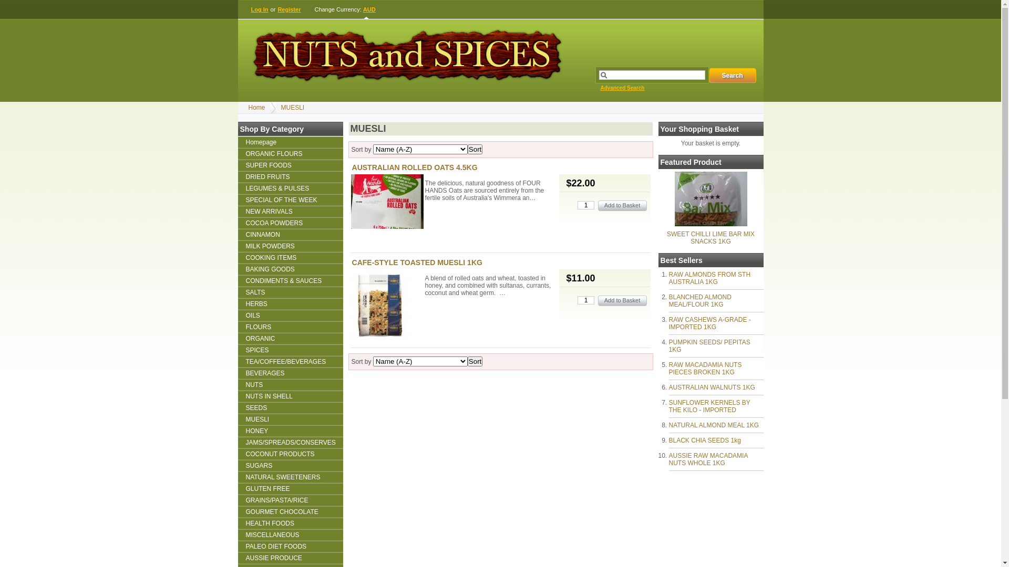 This screenshot has height=567, width=1009. What do you see at coordinates (290, 303) in the screenshot?
I see `'HERBS'` at bounding box center [290, 303].